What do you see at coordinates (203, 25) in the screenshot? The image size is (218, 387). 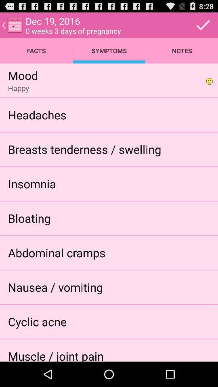 I see `the item above the notes` at bounding box center [203, 25].